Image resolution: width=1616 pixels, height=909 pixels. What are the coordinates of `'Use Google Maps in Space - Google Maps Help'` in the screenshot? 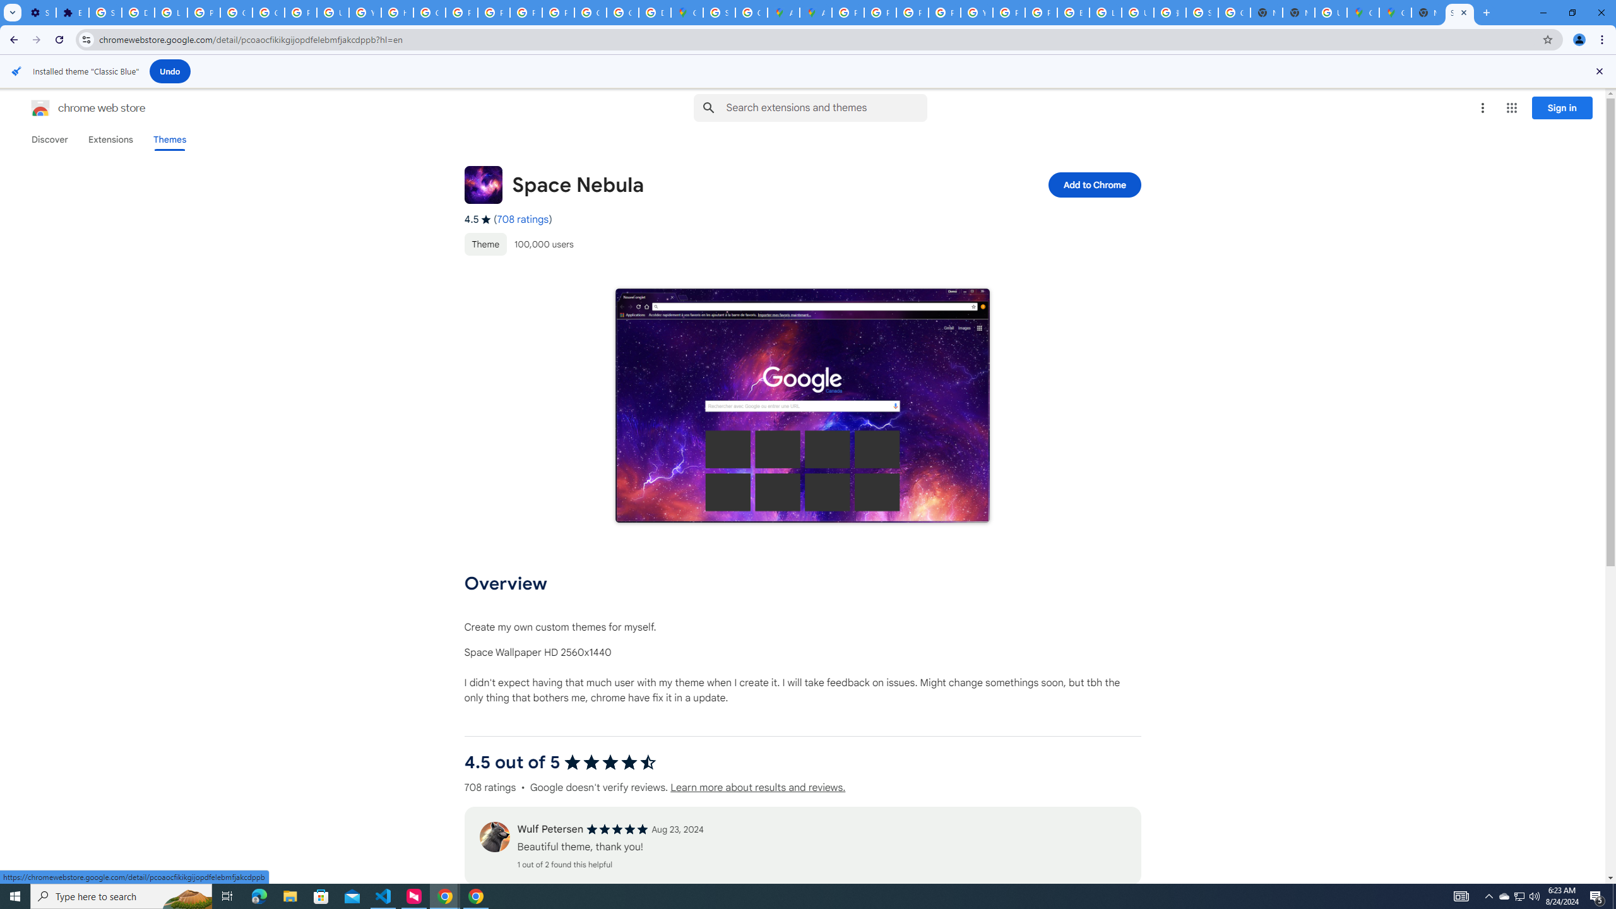 It's located at (1330, 12).